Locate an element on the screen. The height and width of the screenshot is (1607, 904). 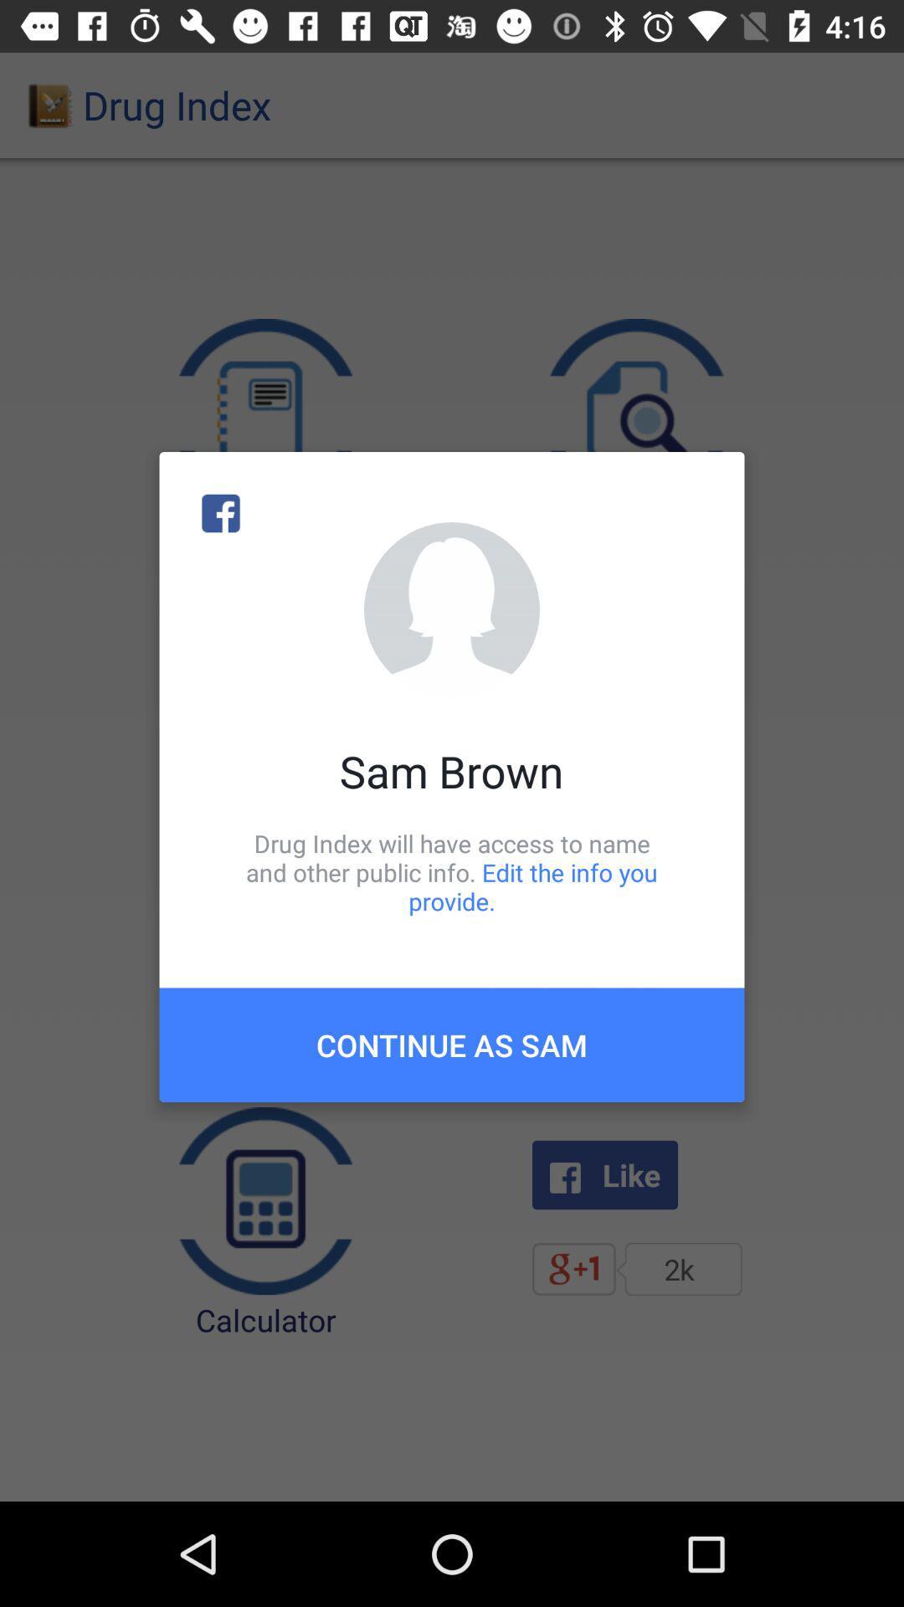
the drug index will item is located at coordinates (452, 871).